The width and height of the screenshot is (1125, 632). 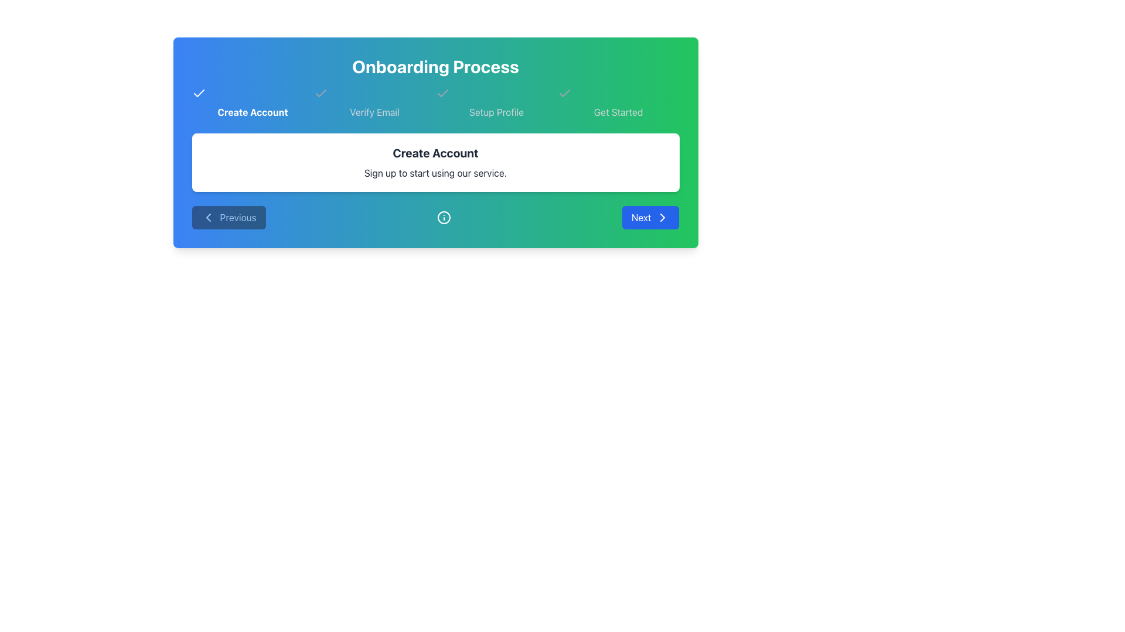 What do you see at coordinates (208, 217) in the screenshot?
I see `the leftward-pointing chevron icon` at bounding box center [208, 217].